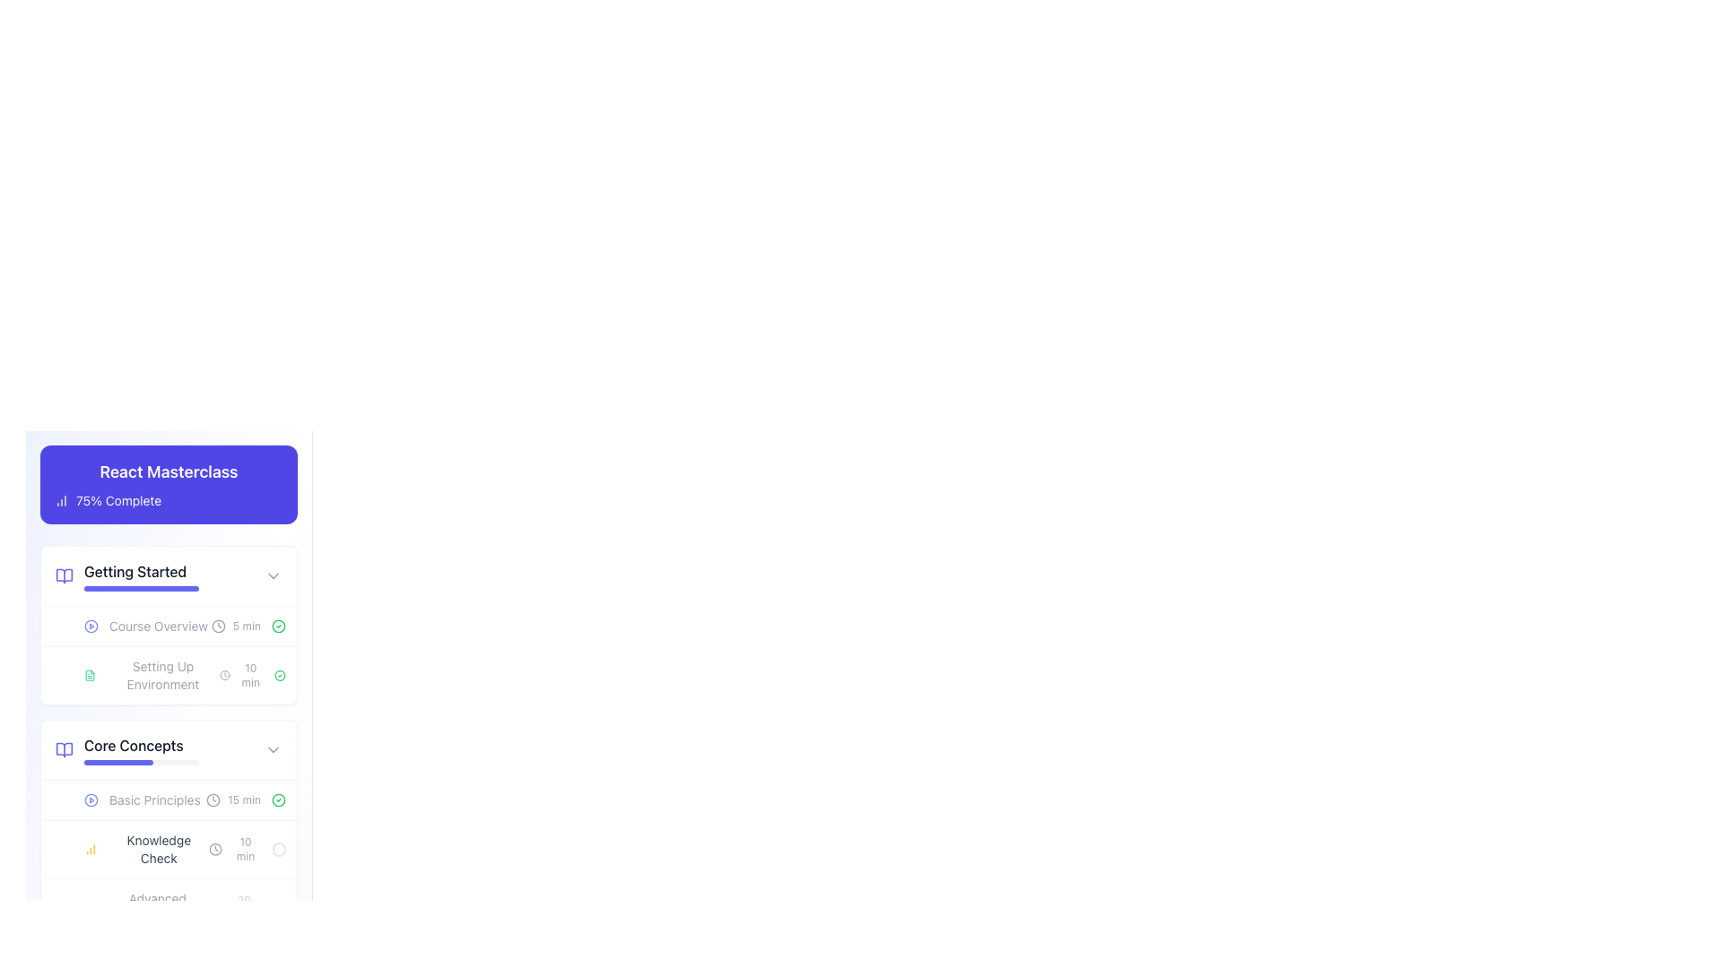 The height and width of the screenshot is (968, 1722). Describe the element at coordinates (65, 750) in the screenshot. I see `the open book icon, which is indigo colored and positioned to the left of the 'Core Concepts' text` at that location.